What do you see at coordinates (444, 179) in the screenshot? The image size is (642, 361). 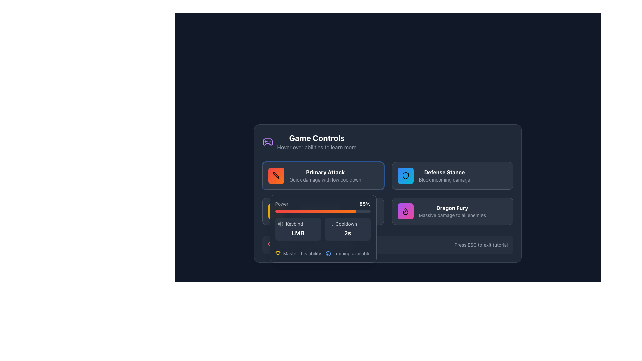 I see `text label that says 'Block incoming damage', which is styled in gray with a smaller font size and positioned directly below 'Defense Stance'` at bounding box center [444, 179].